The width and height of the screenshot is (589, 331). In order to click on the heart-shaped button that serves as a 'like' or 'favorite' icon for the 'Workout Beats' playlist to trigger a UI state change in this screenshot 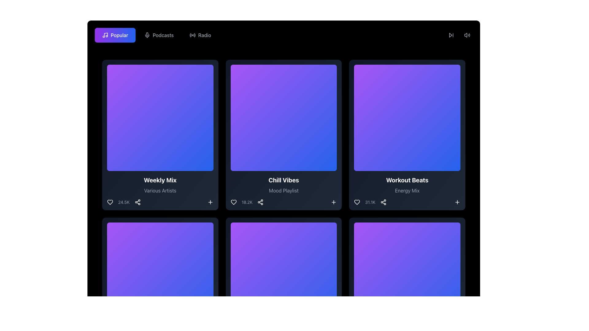, I will do `click(357, 202)`.